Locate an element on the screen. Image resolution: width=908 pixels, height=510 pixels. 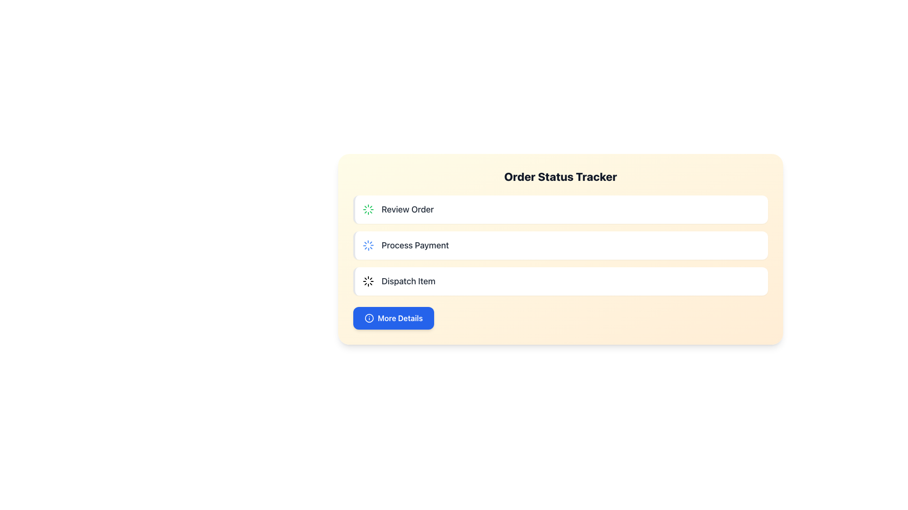
the second item in the 'Order Status Tracker' list, which indicates 'Process Payment' is located at coordinates (560, 245).